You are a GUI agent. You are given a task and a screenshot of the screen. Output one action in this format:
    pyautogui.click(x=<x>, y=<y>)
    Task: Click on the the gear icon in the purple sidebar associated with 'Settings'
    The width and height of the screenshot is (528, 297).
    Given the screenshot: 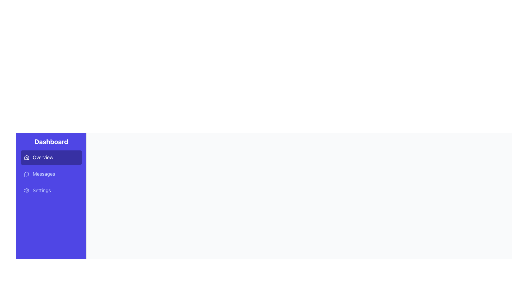 What is the action you would take?
    pyautogui.click(x=26, y=190)
    